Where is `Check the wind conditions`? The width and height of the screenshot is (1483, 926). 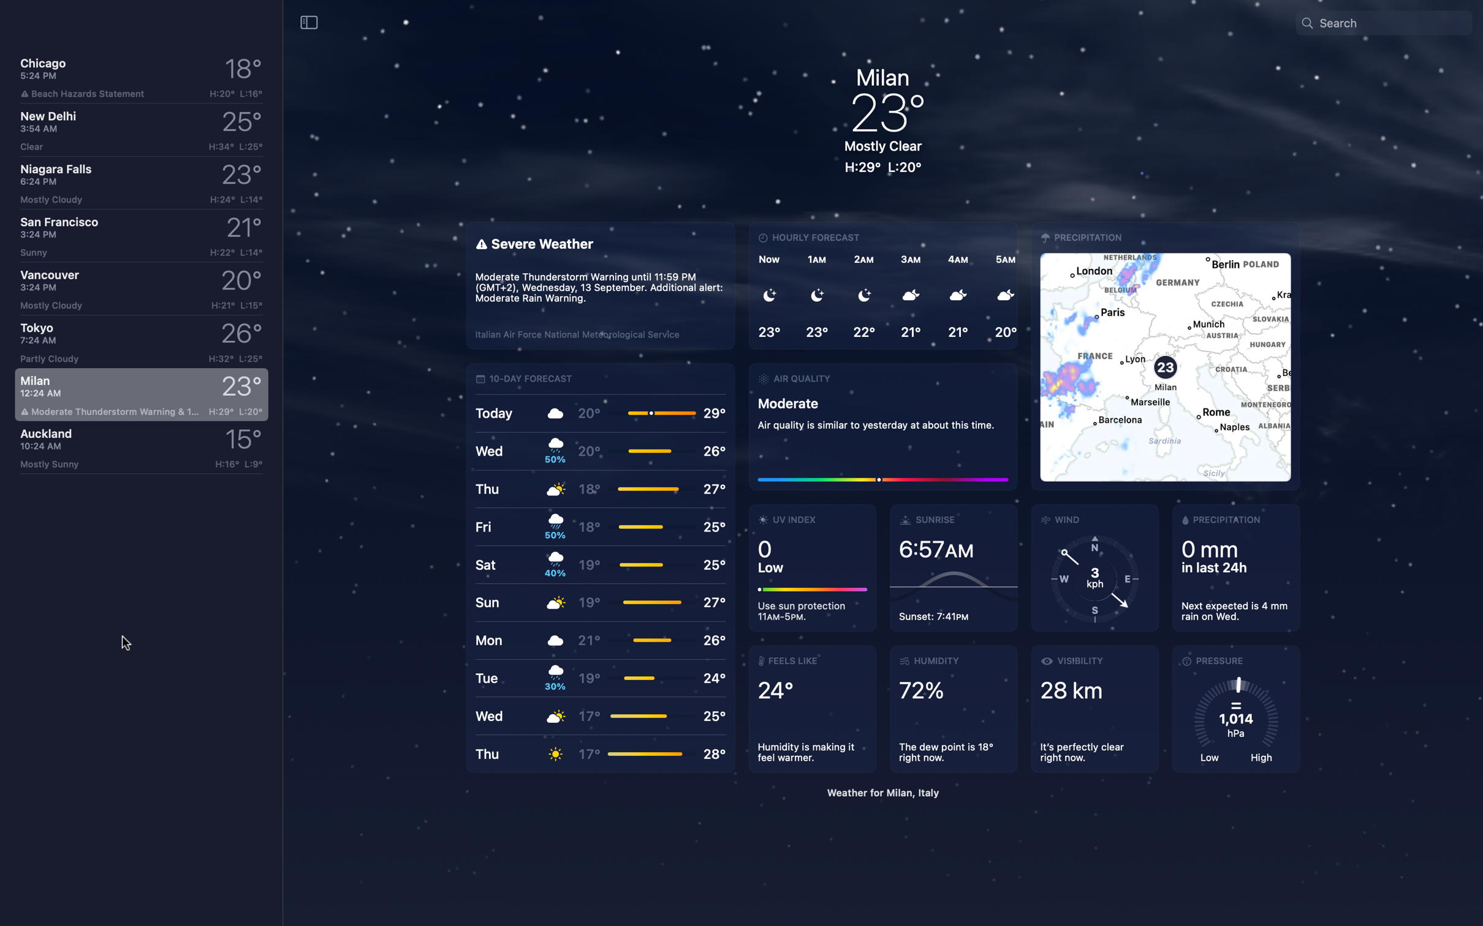
Check the wind conditions is located at coordinates (1094, 567).